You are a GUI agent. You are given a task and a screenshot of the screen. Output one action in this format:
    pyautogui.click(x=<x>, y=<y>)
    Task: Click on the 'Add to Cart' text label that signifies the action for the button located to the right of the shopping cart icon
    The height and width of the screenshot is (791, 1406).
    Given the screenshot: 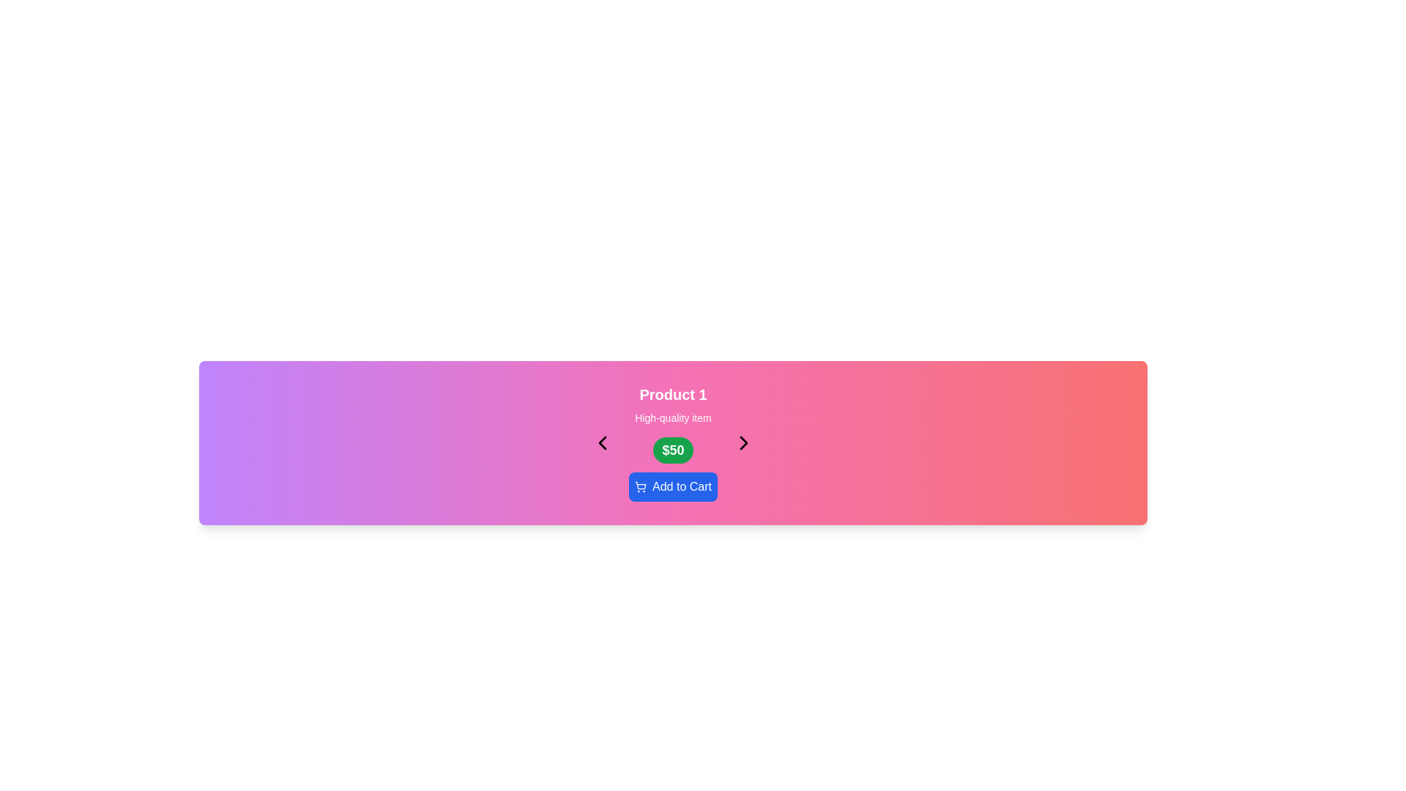 What is the action you would take?
    pyautogui.click(x=681, y=486)
    